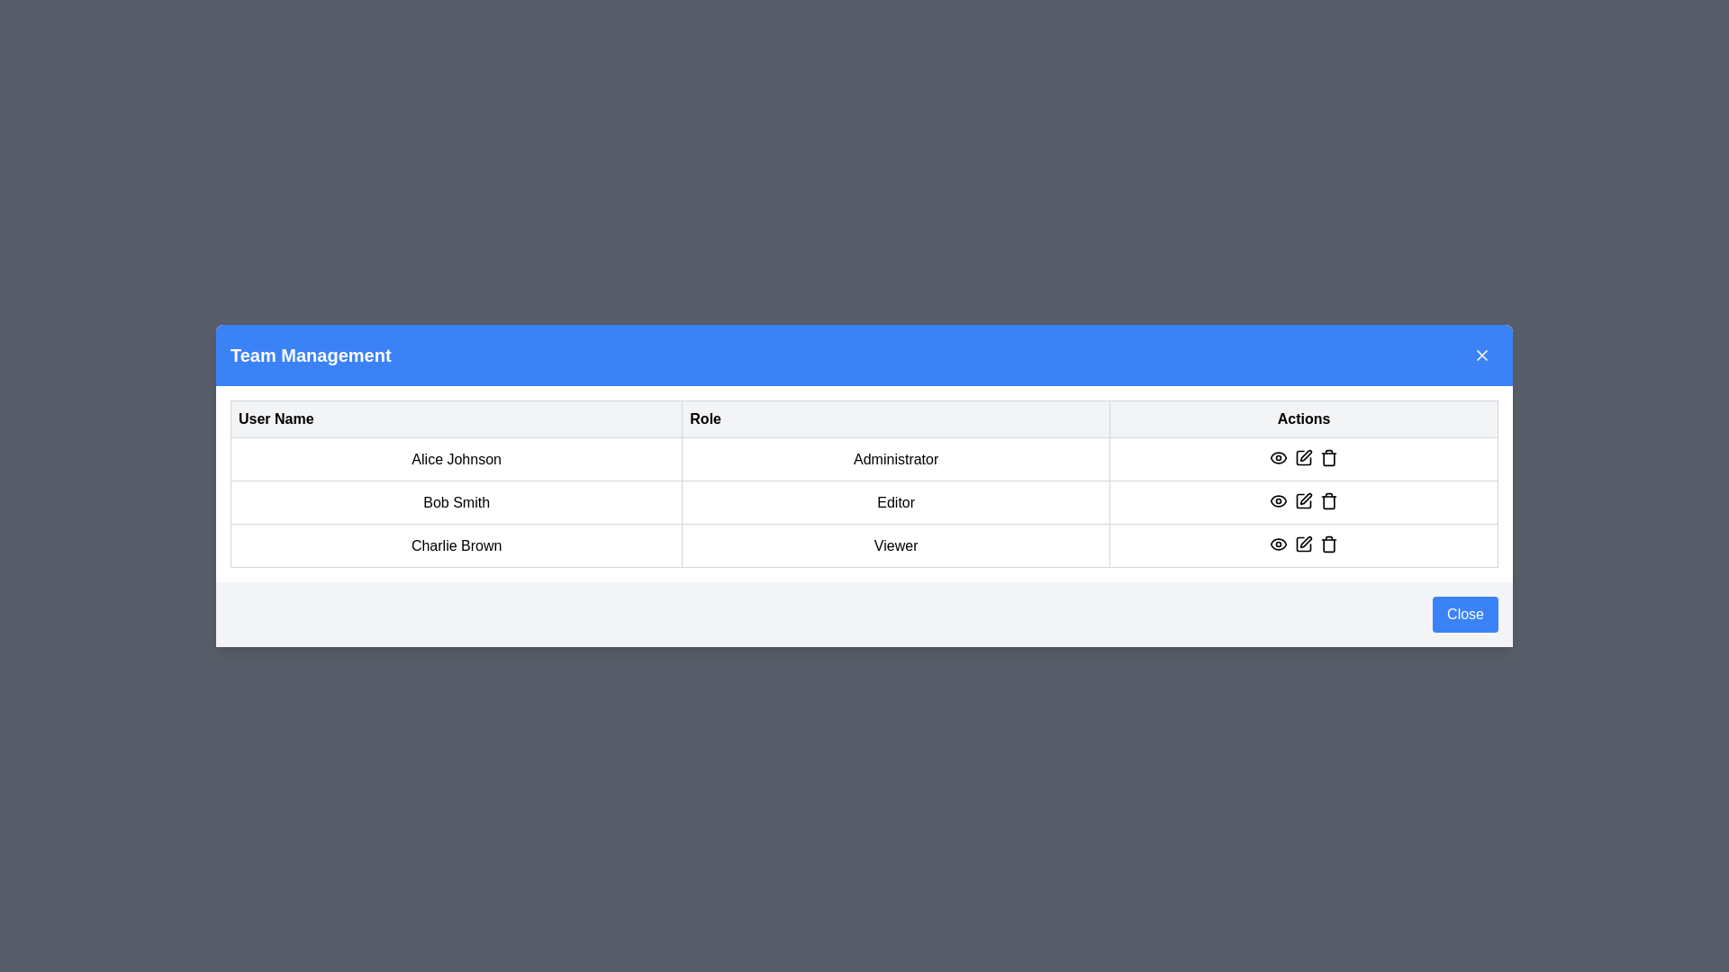 Image resolution: width=1729 pixels, height=972 pixels. What do you see at coordinates (896, 458) in the screenshot?
I see `the 'Administrator' role text label located in the second column of the 'Team Management' table, first row` at bounding box center [896, 458].